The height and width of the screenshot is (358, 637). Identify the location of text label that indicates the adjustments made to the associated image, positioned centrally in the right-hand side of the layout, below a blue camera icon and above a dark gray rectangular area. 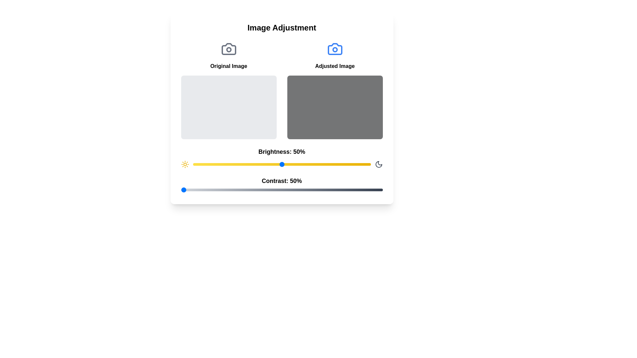
(335, 66).